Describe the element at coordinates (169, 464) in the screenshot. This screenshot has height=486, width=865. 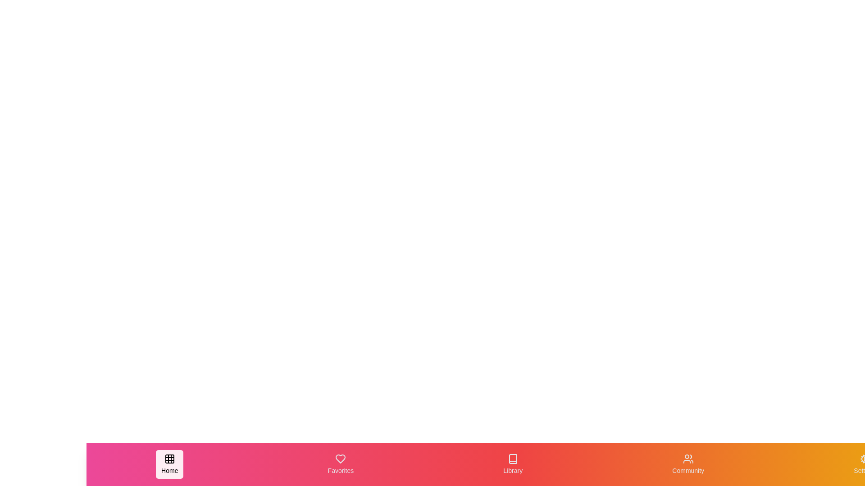
I see `the navigation tab labeled Home` at that location.